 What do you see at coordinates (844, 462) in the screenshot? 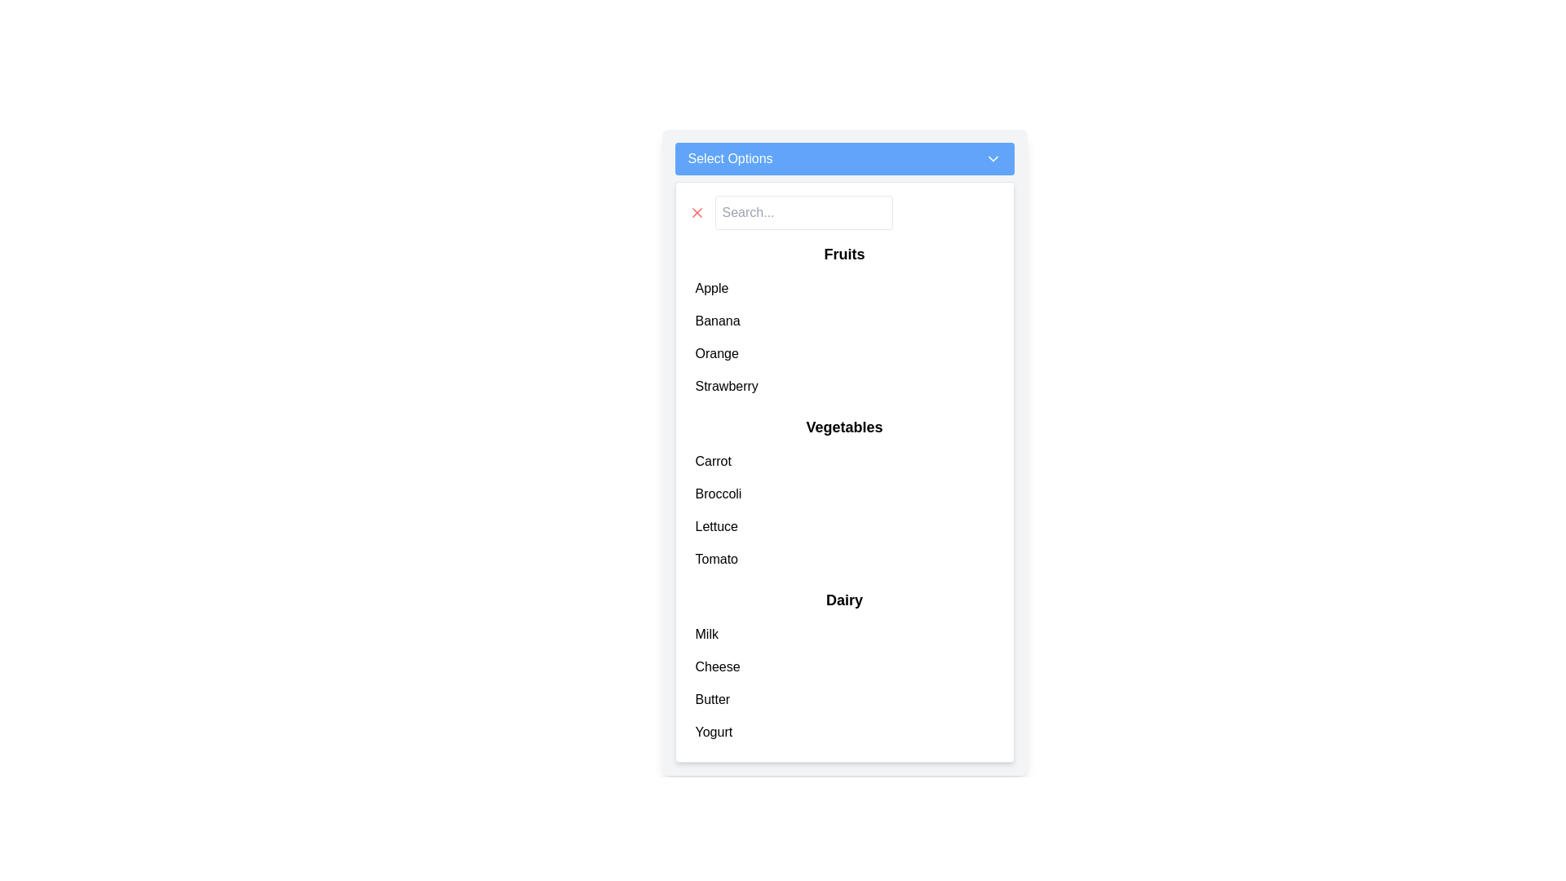
I see `the first list item labeled 'Carrot' under the 'Vegetables' category` at bounding box center [844, 462].